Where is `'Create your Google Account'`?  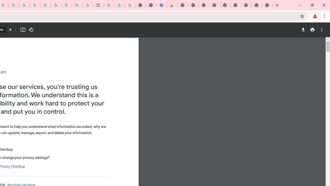
'Create your Google Account' is located at coordinates (14, 5).